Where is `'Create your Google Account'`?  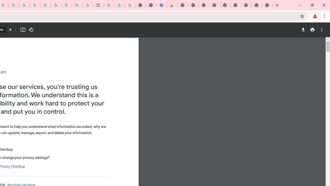
'Create your Google Account' is located at coordinates (14, 5).